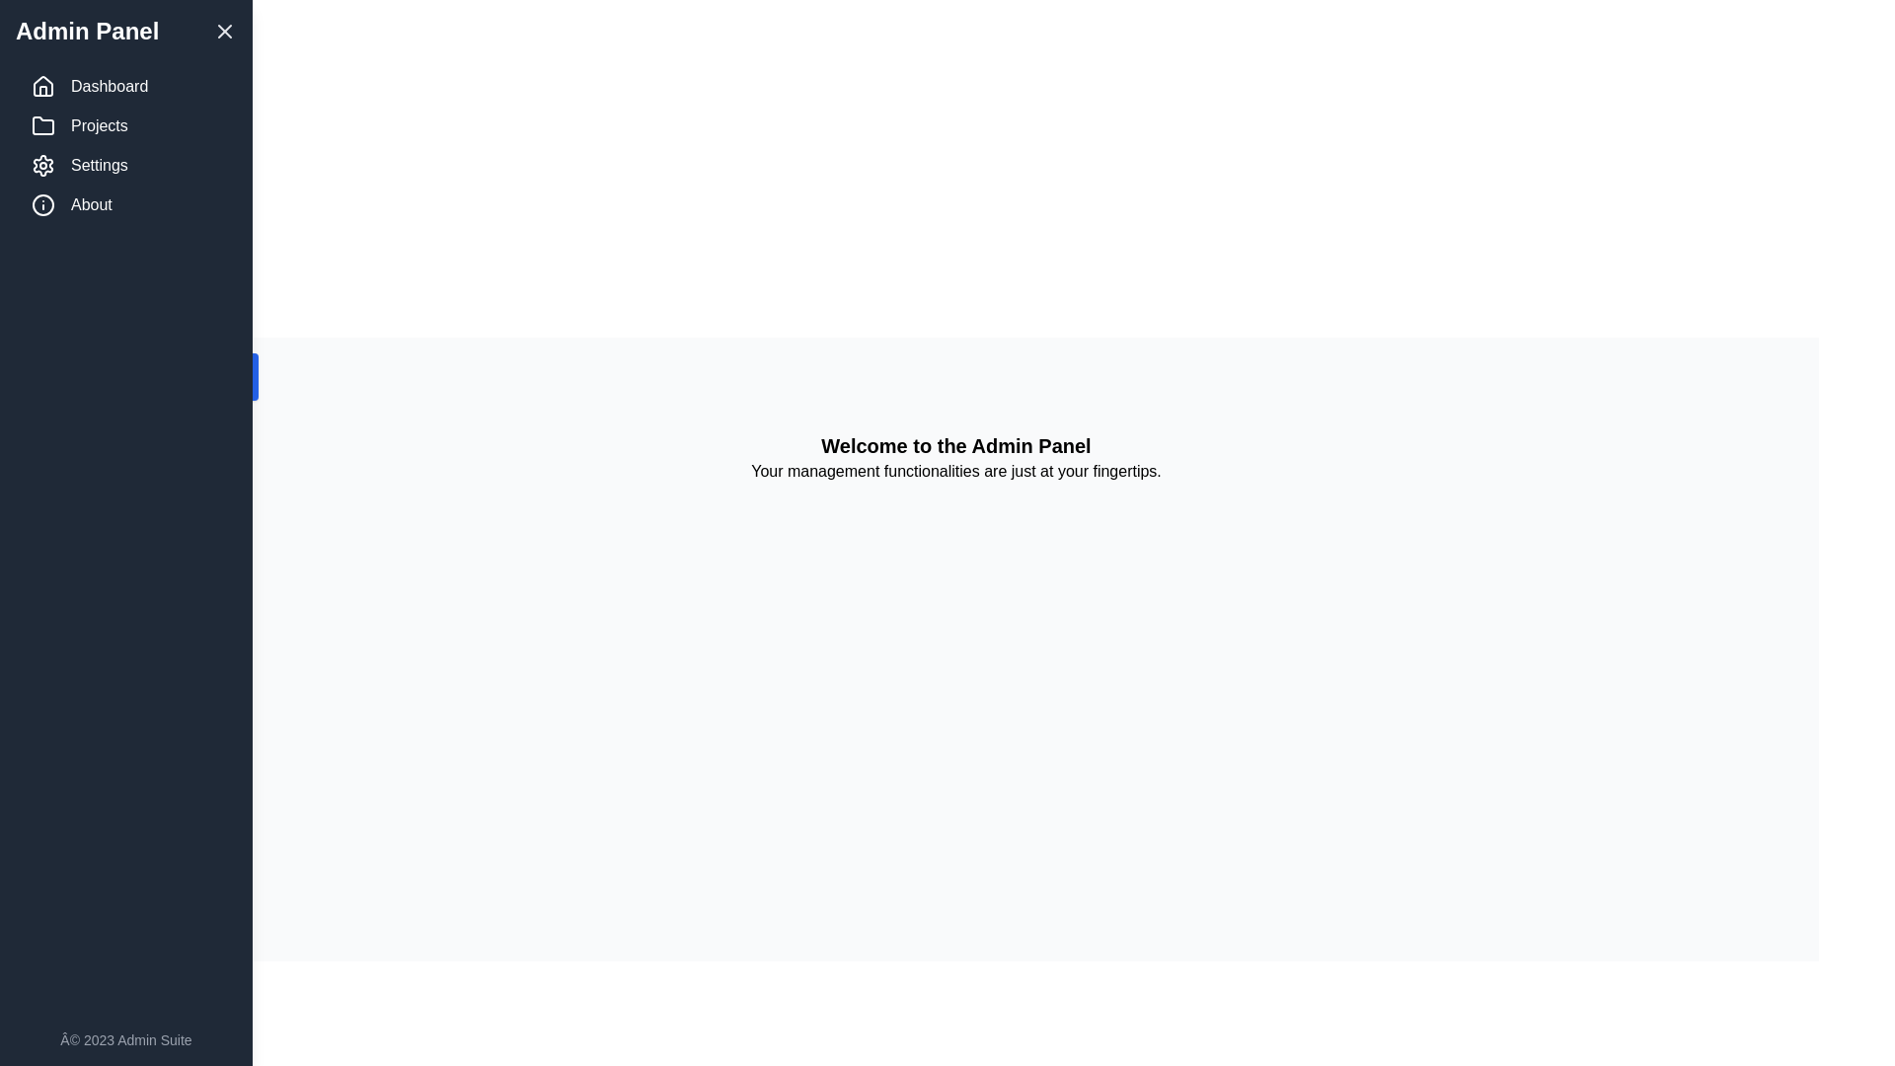  What do you see at coordinates (109, 86) in the screenshot?
I see `the 'Dashboard' menu label located in the dark blue sidebar under the 'Admin Panel' heading` at bounding box center [109, 86].